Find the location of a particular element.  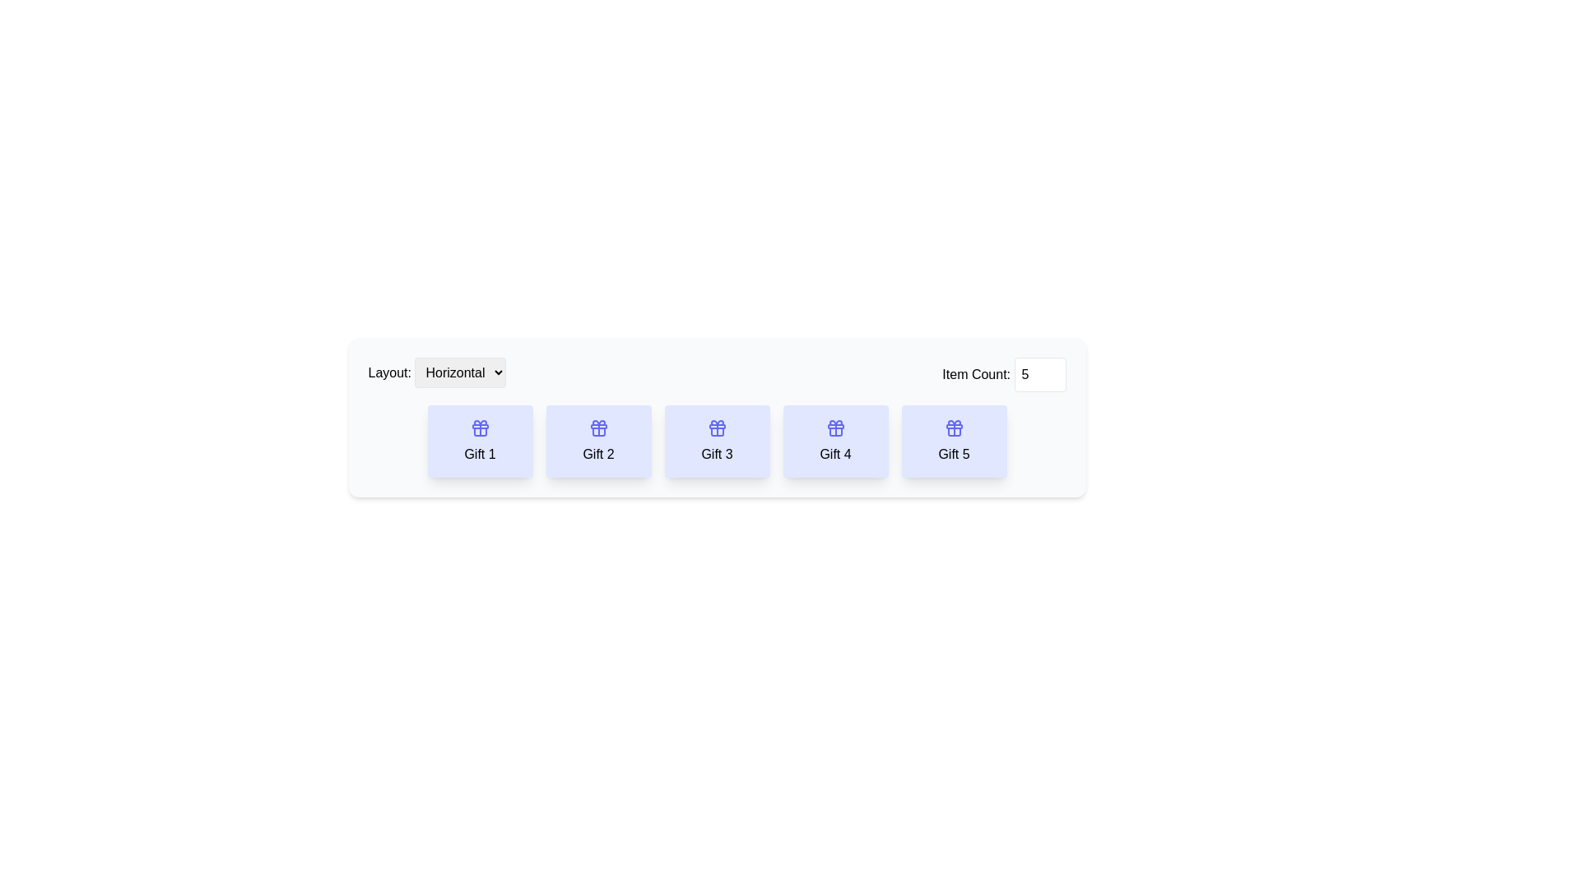

the Decorative Shape that is a rectangular component with rounded corners located within a gift box icon, positioned towards the upper central part of the icon is located at coordinates (479, 426).